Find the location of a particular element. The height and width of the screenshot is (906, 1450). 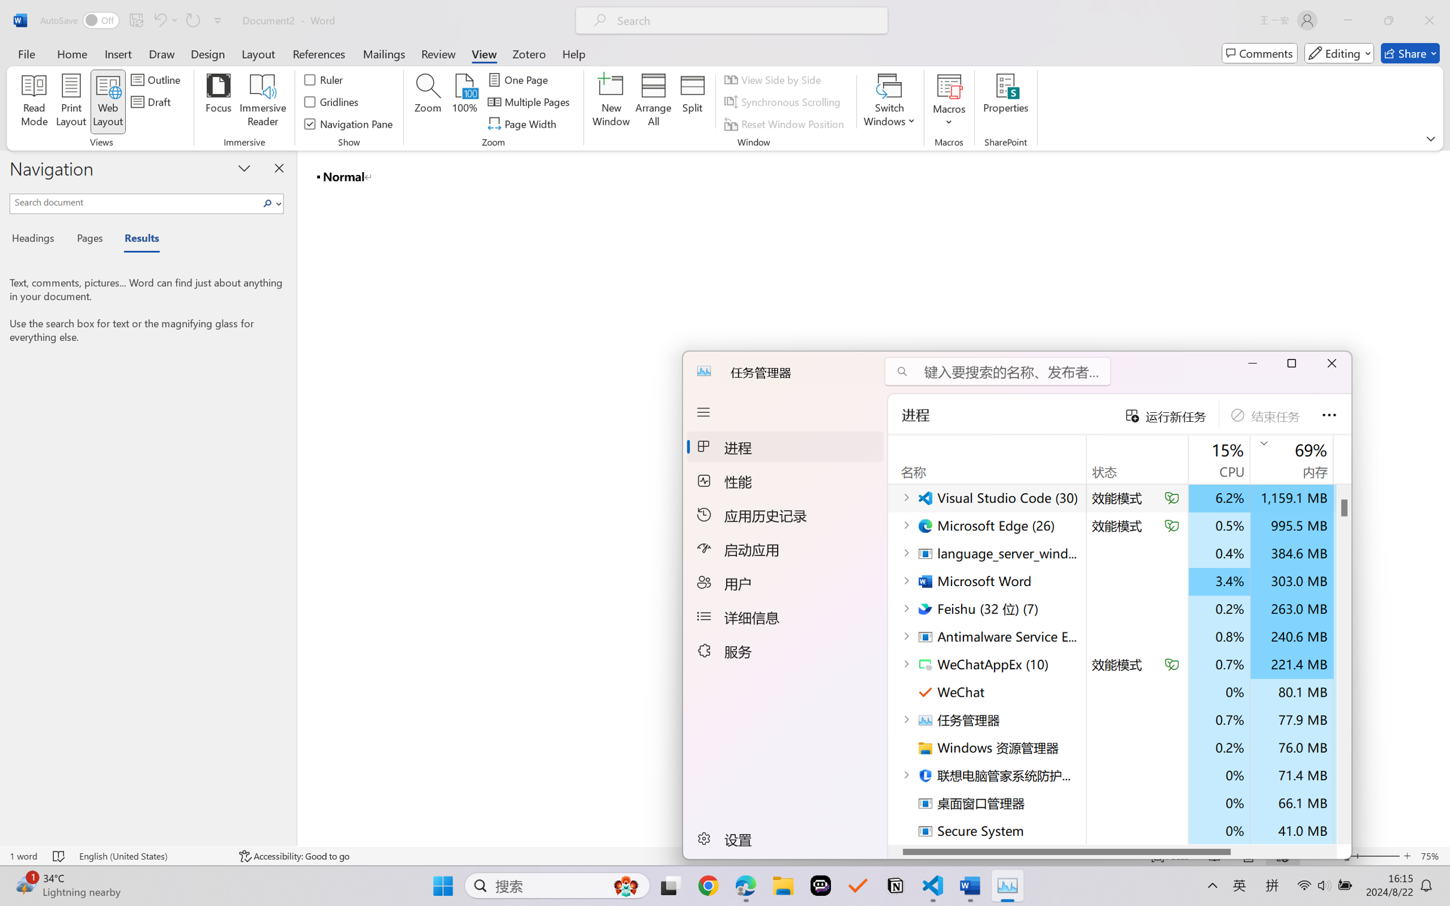

'New Window' is located at coordinates (611, 102).